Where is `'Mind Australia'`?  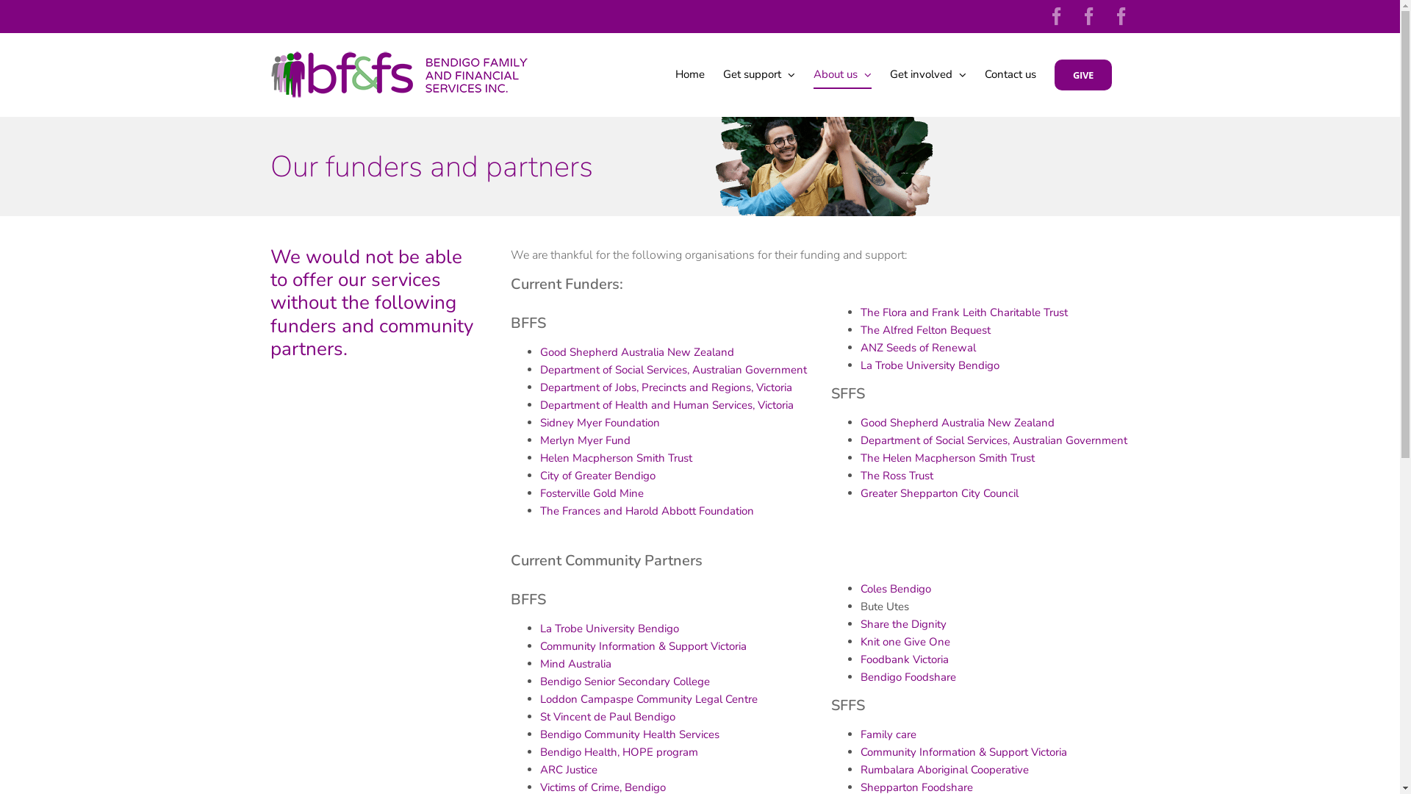 'Mind Australia' is located at coordinates (575, 663).